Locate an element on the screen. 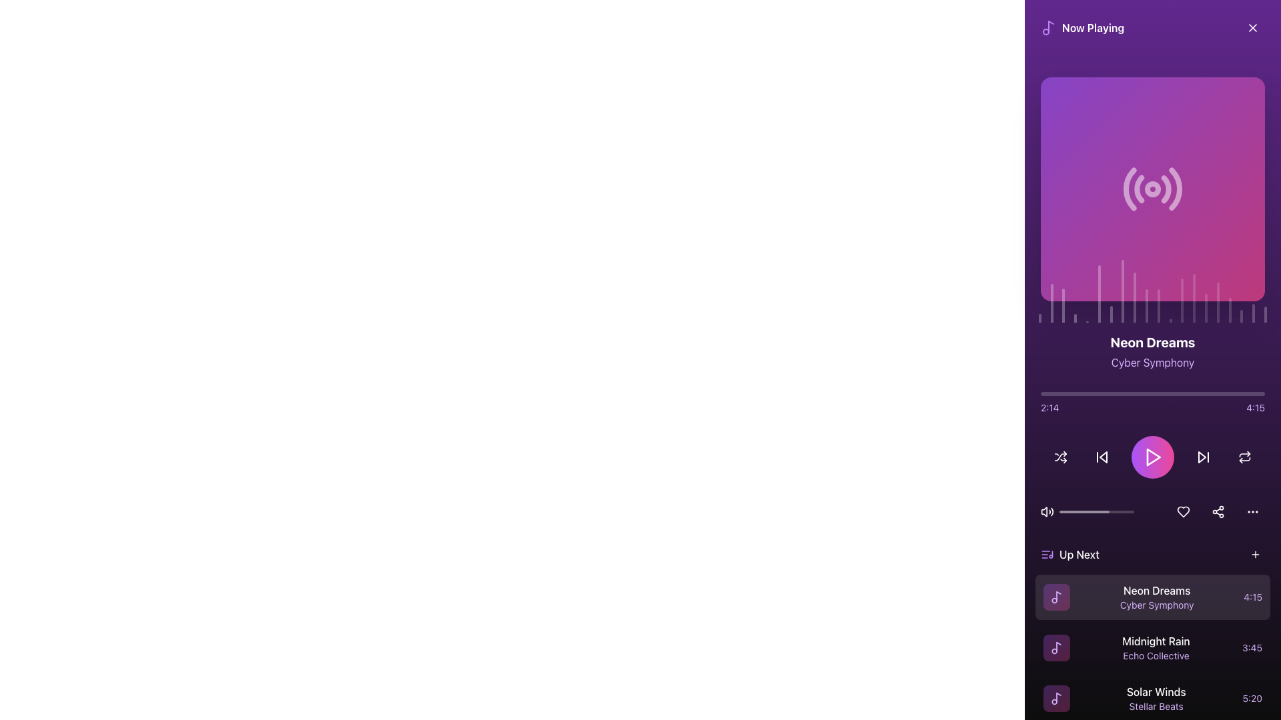 The image size is (1281, 720). the Text Label that indicates the start of the 'Up Next' list, located near the bottom-right corner of the application interface is located at coordinates (1079, 555).